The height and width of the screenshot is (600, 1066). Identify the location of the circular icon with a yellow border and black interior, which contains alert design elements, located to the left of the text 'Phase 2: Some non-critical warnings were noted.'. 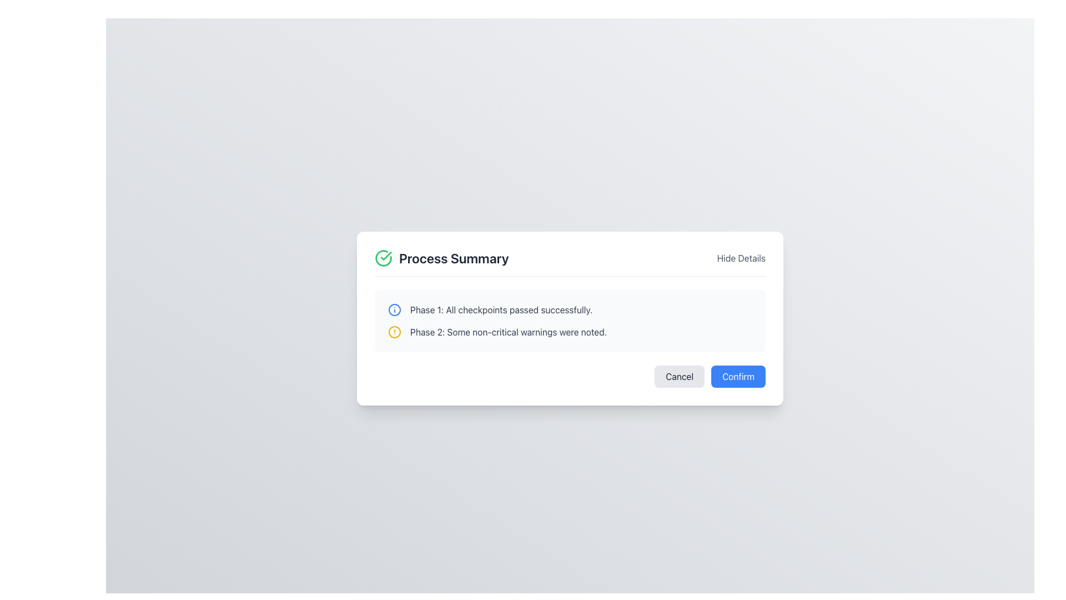
(394, 331).